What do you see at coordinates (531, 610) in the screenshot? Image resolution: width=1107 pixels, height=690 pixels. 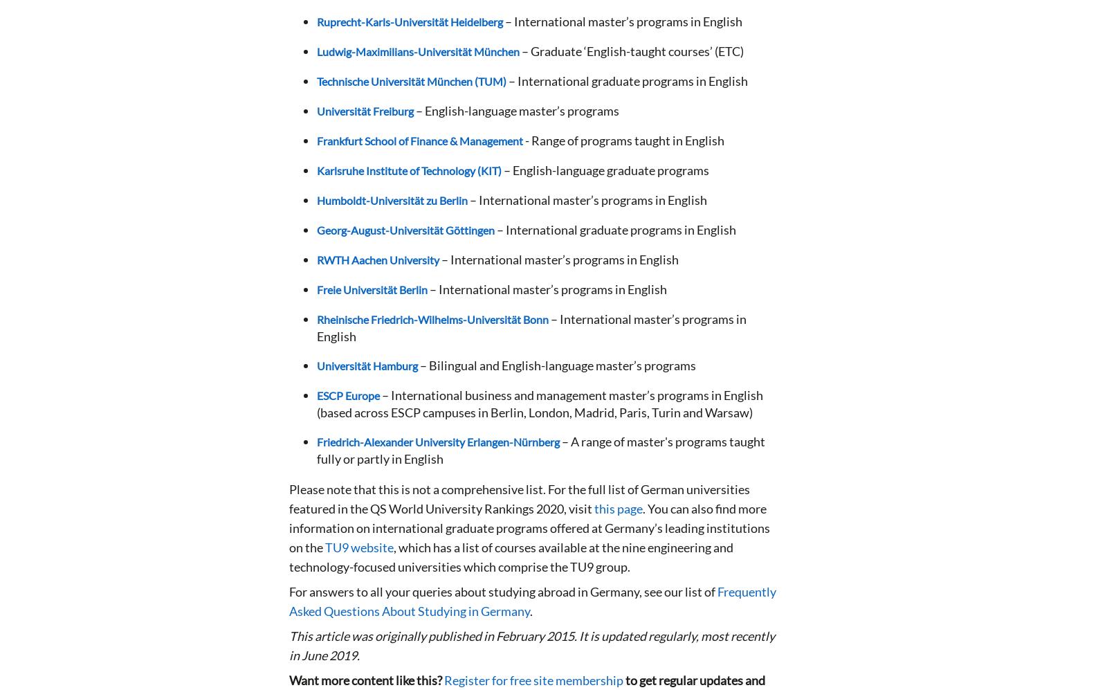 I see `'.'` at bounding box center [531, 610].